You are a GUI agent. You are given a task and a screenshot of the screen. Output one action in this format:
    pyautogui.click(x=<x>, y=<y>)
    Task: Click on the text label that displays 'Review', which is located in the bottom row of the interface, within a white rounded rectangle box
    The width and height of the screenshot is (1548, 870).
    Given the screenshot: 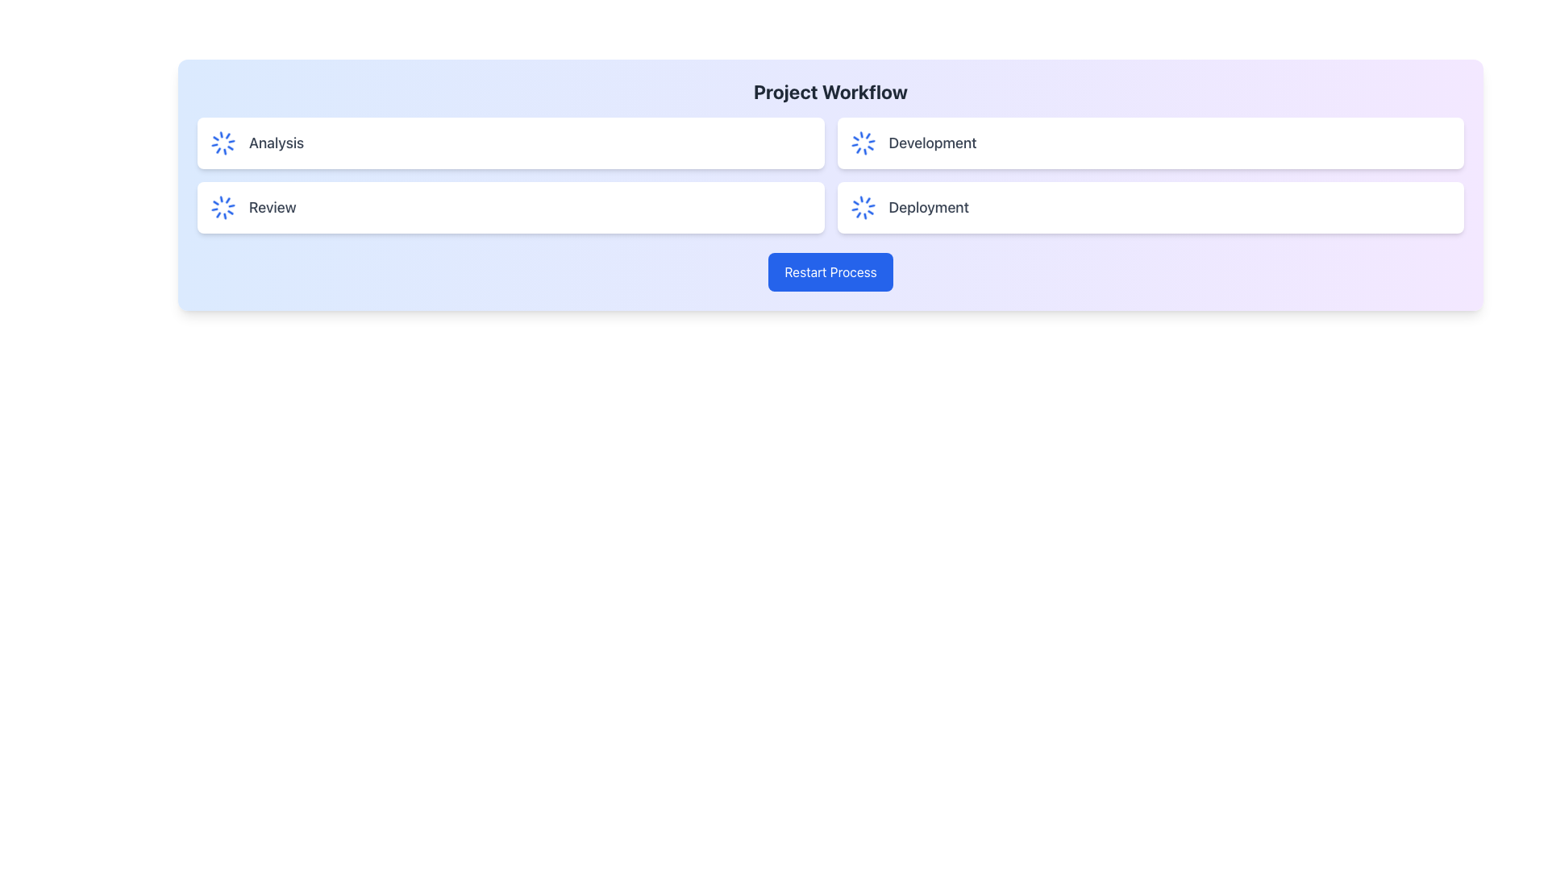 What is the action you would take?
    pyautogui.click(x=273, y=207)
    